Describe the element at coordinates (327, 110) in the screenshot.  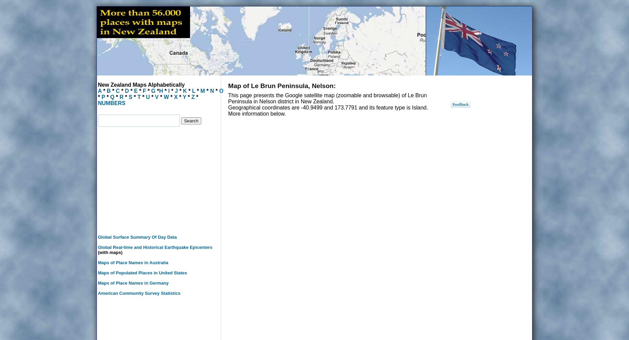
I see `'Geographical coordinates are -40.9499 and 173.7791 and its feature type is Island. More information below.'` at that location.